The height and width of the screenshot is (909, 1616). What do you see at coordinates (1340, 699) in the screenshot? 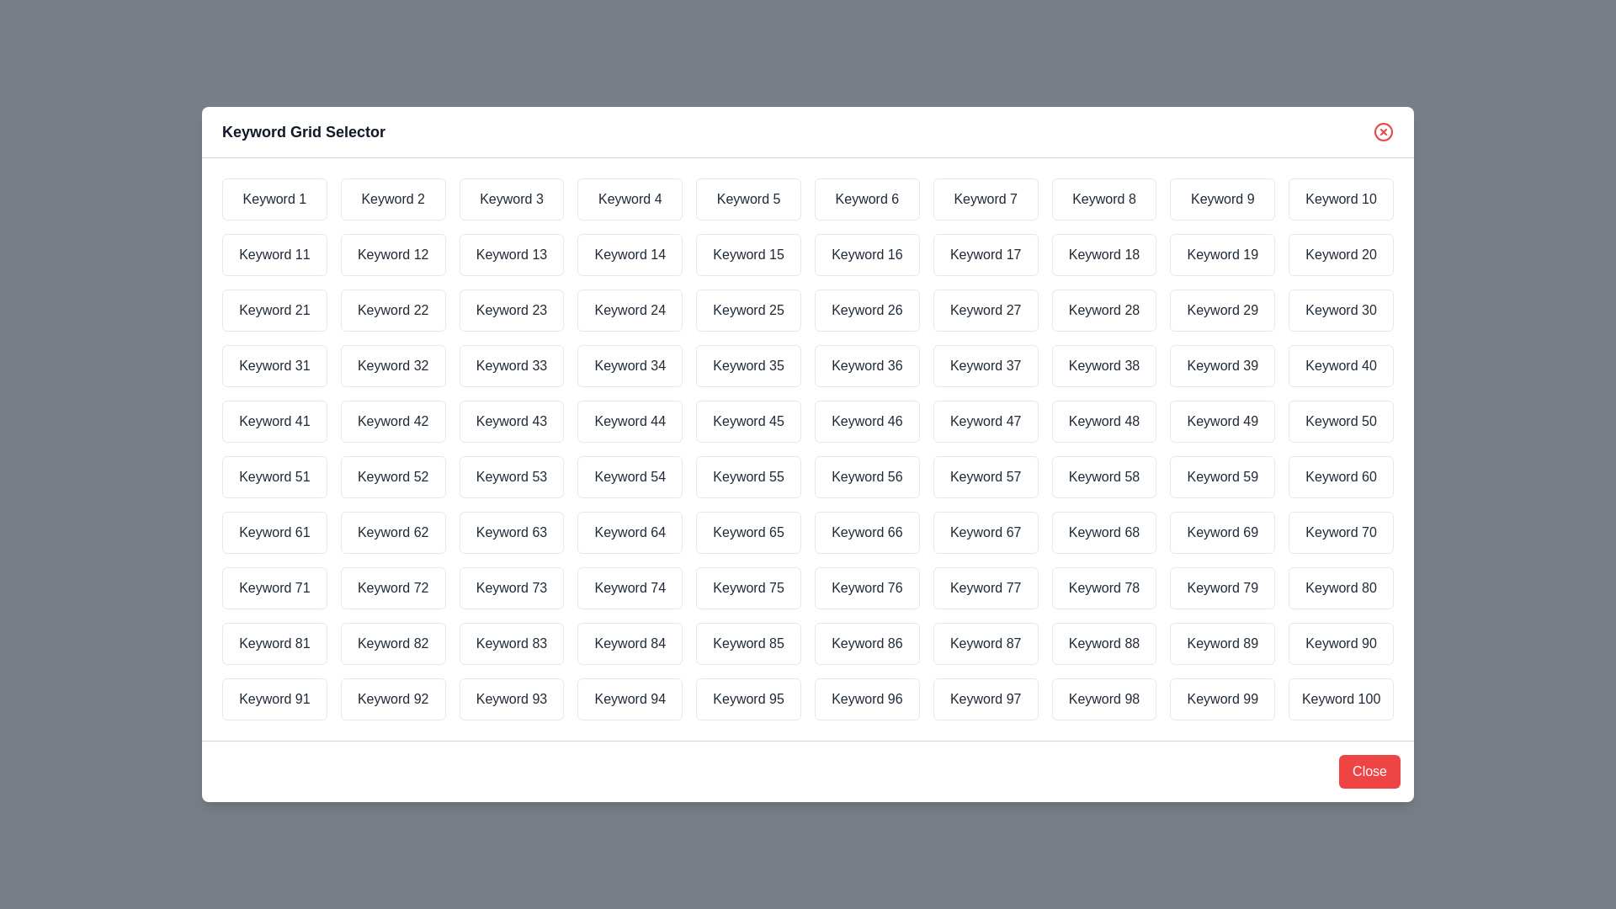
I see `the keyword Keyword 100 by clicking on it` at bounding box center [1340, 699].